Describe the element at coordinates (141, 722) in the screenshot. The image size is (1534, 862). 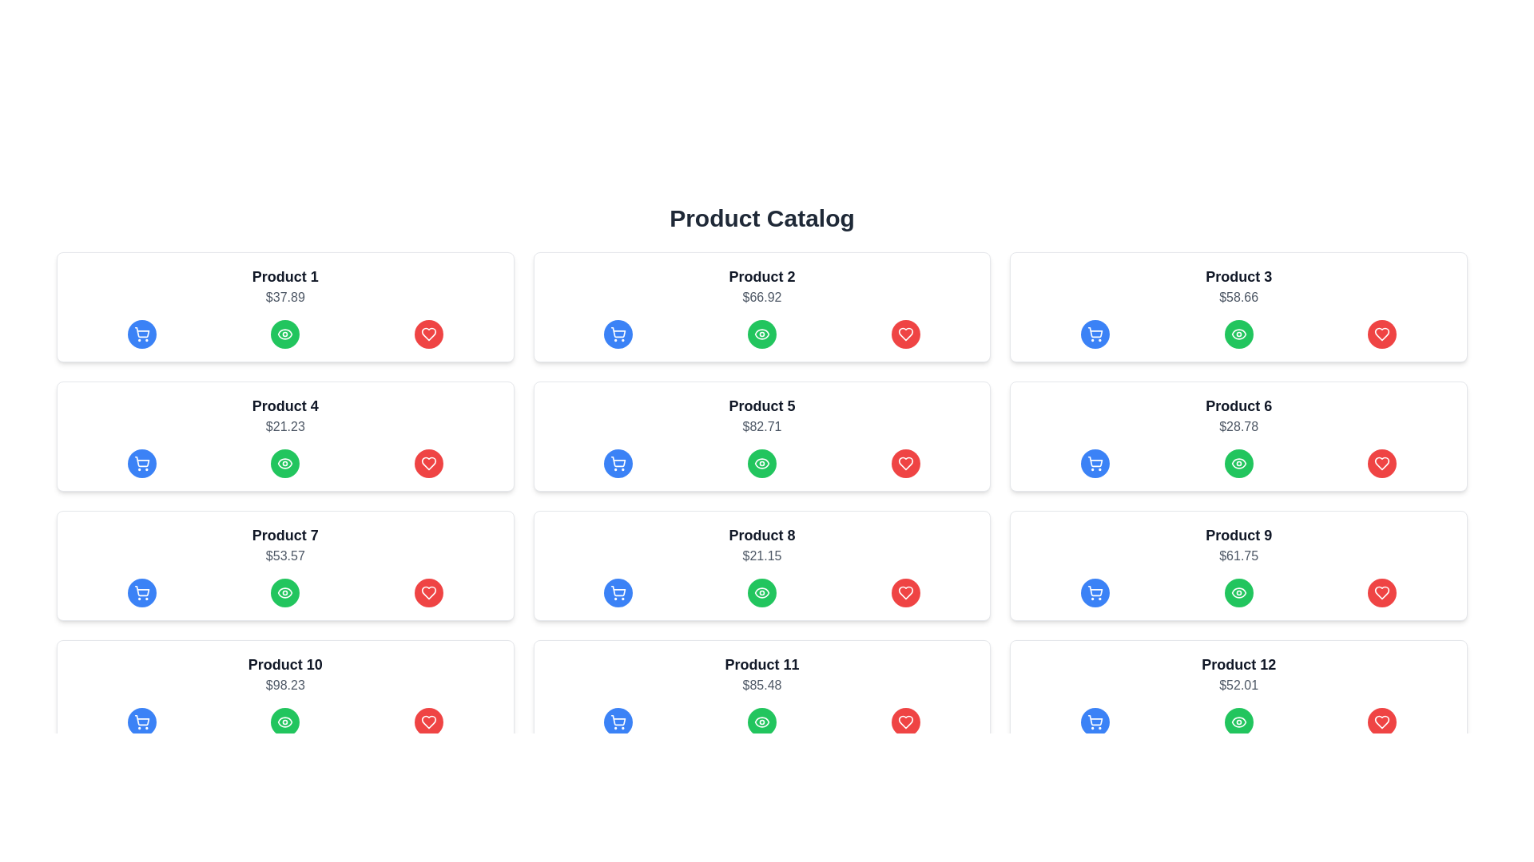
I see `the 'Add to Cart' button located under the 'Product 10' card in the product catalog` at that location.